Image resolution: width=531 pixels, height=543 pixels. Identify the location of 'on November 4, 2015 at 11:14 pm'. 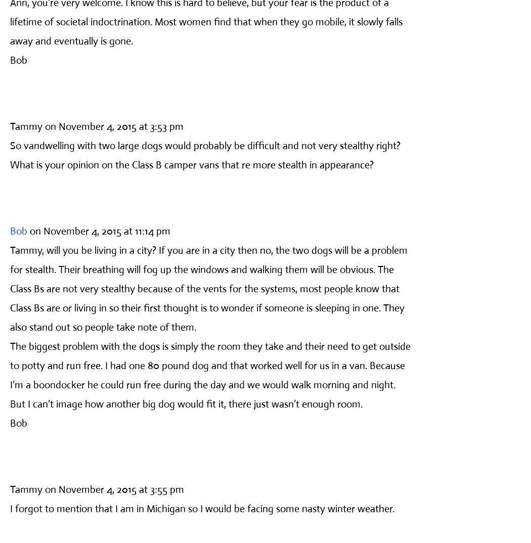
(100, 230).